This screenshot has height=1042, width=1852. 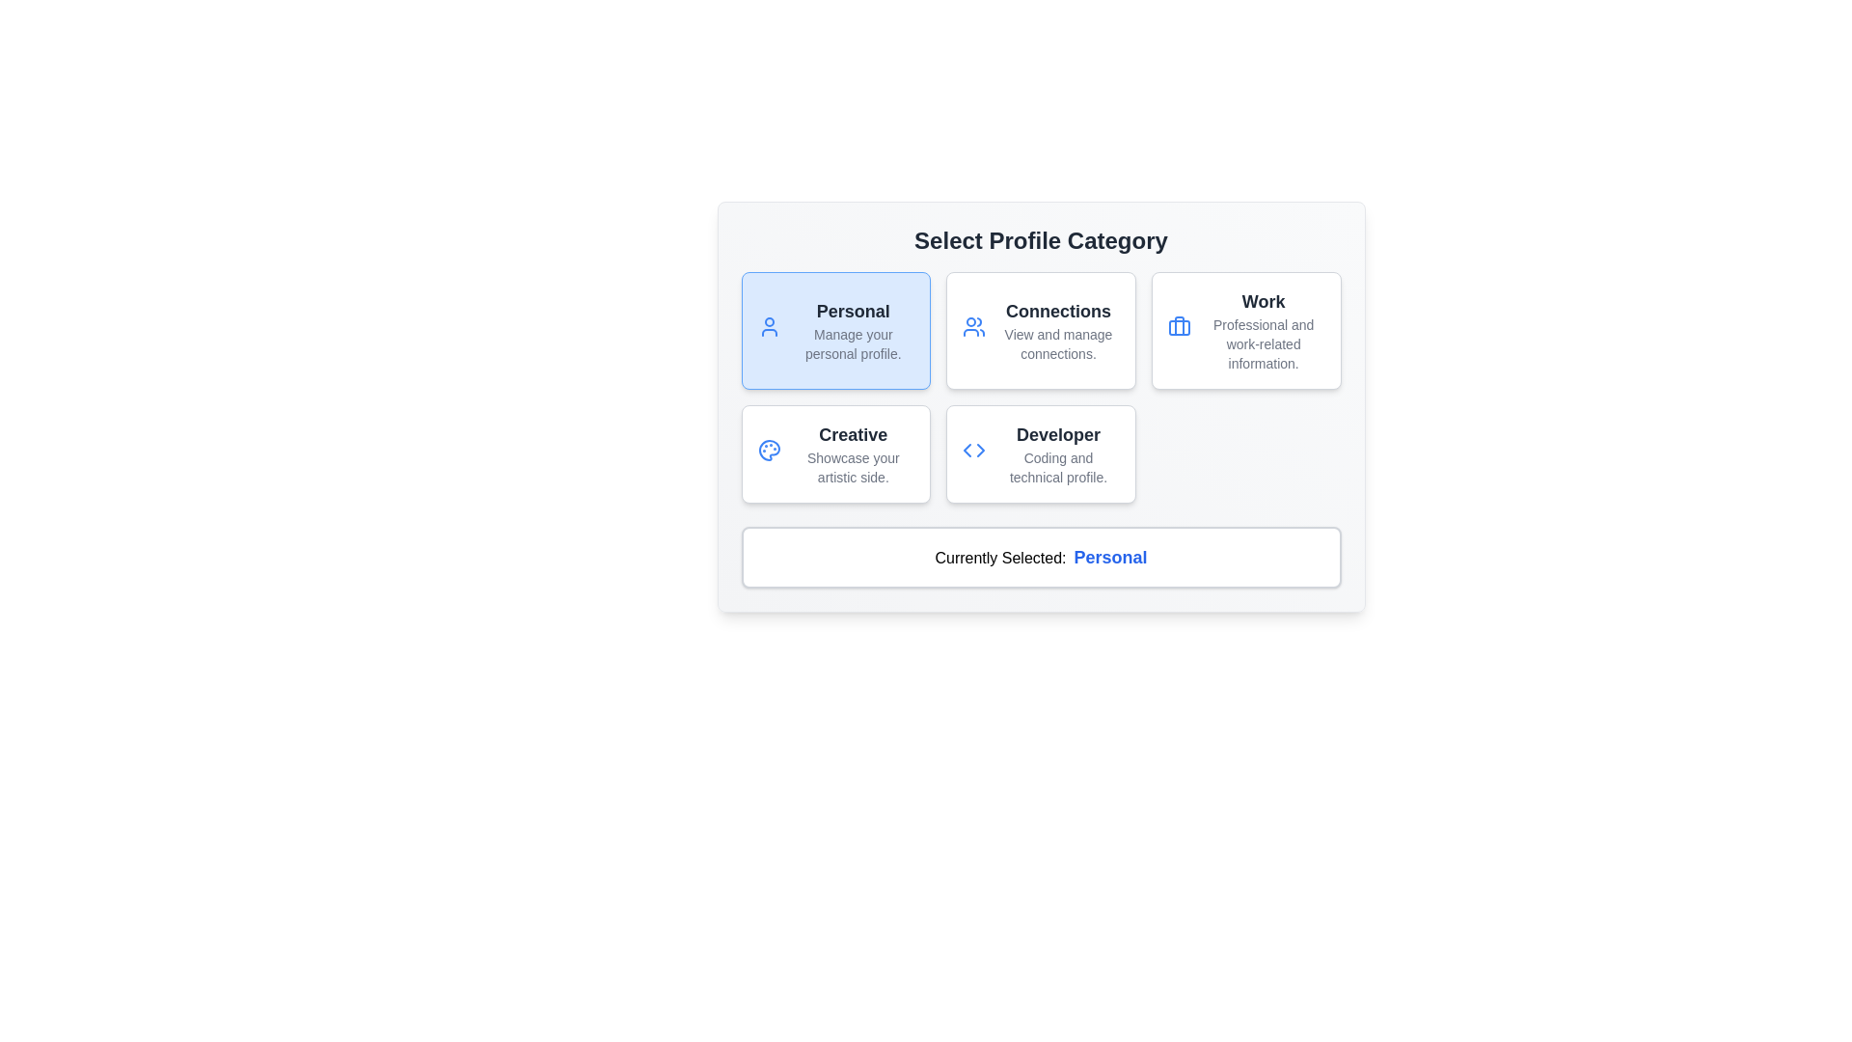 I want to click on the label displaying 'View and manage connections.' located below the 'Connections' header within the second column of the profile category options, so click(x=1057, y=343).